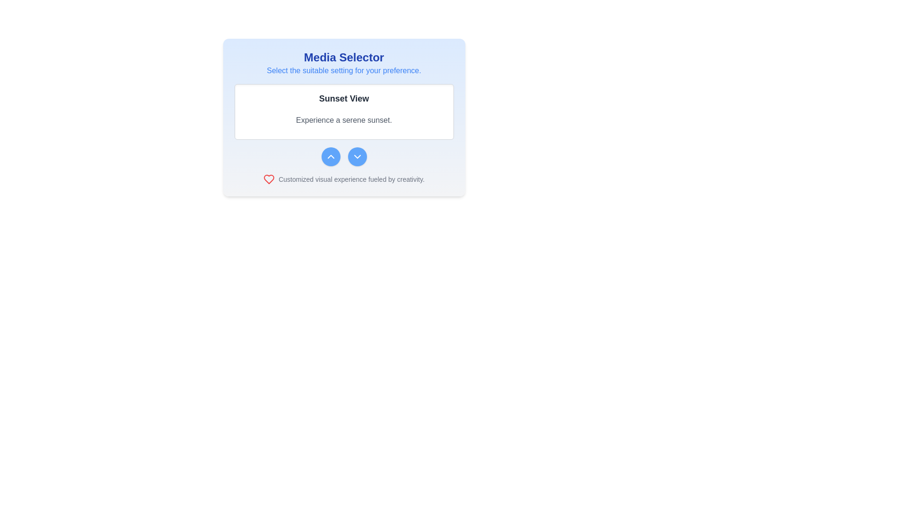 The height and width of the screenshot is (510, 908). Describe the element at coordinates (343, 58) in the screenshot. I see `the bold text label 'Media Selector' which is styled in a large font size and dark blue color, positioned at the top of the interface as the title of the section` at that location.